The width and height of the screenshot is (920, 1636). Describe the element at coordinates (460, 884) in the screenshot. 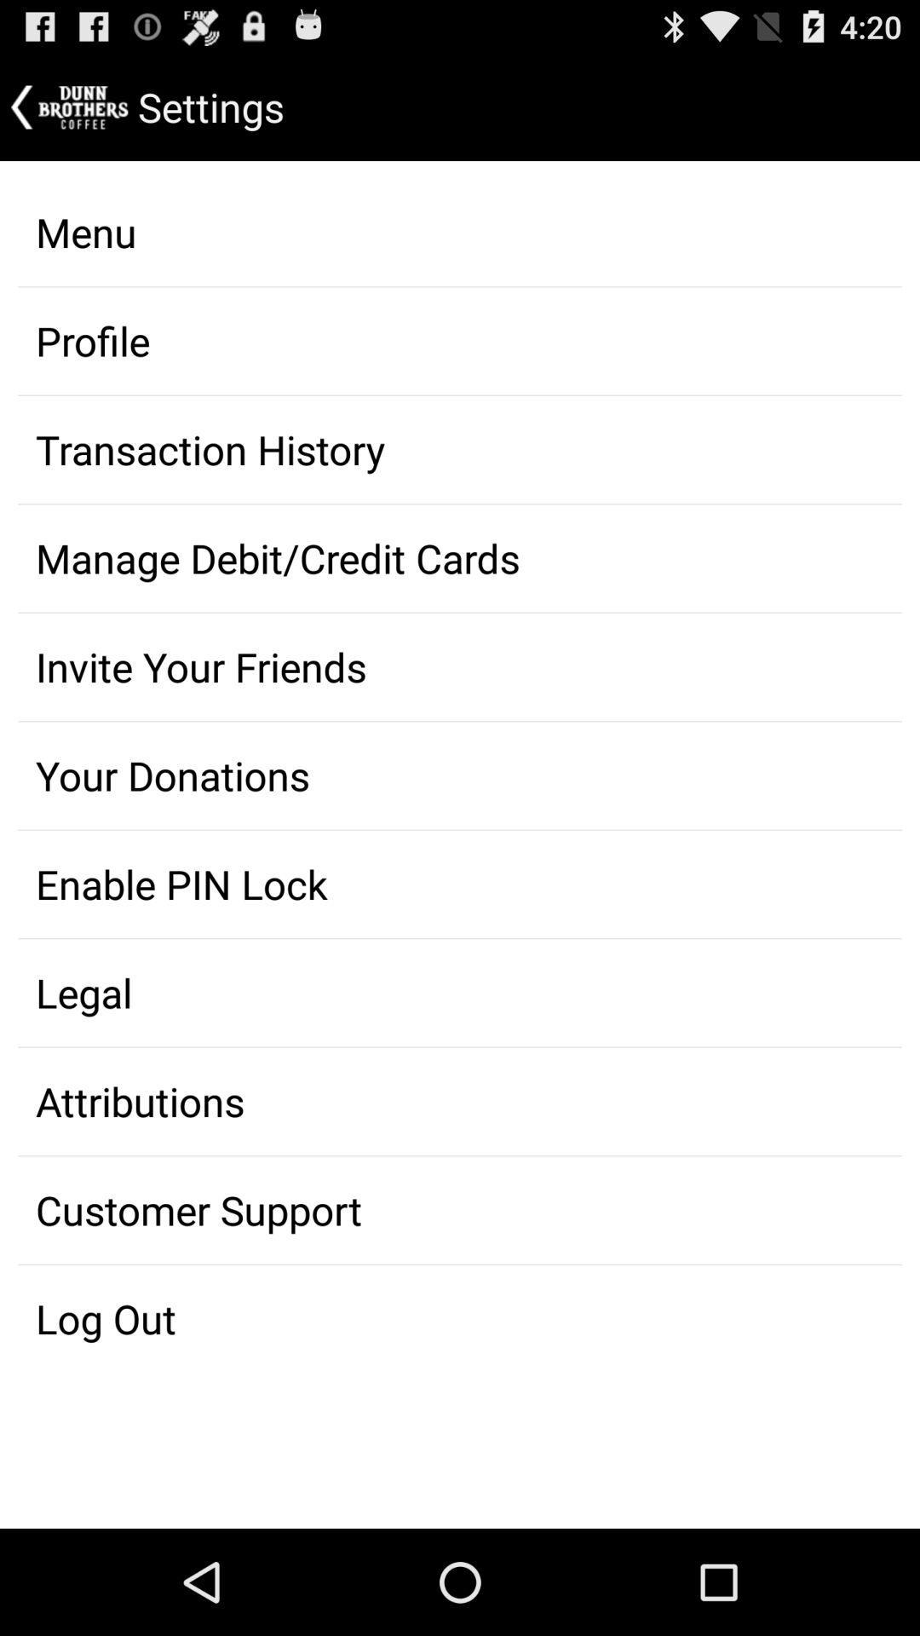

I see `the item above the legal` at that location.